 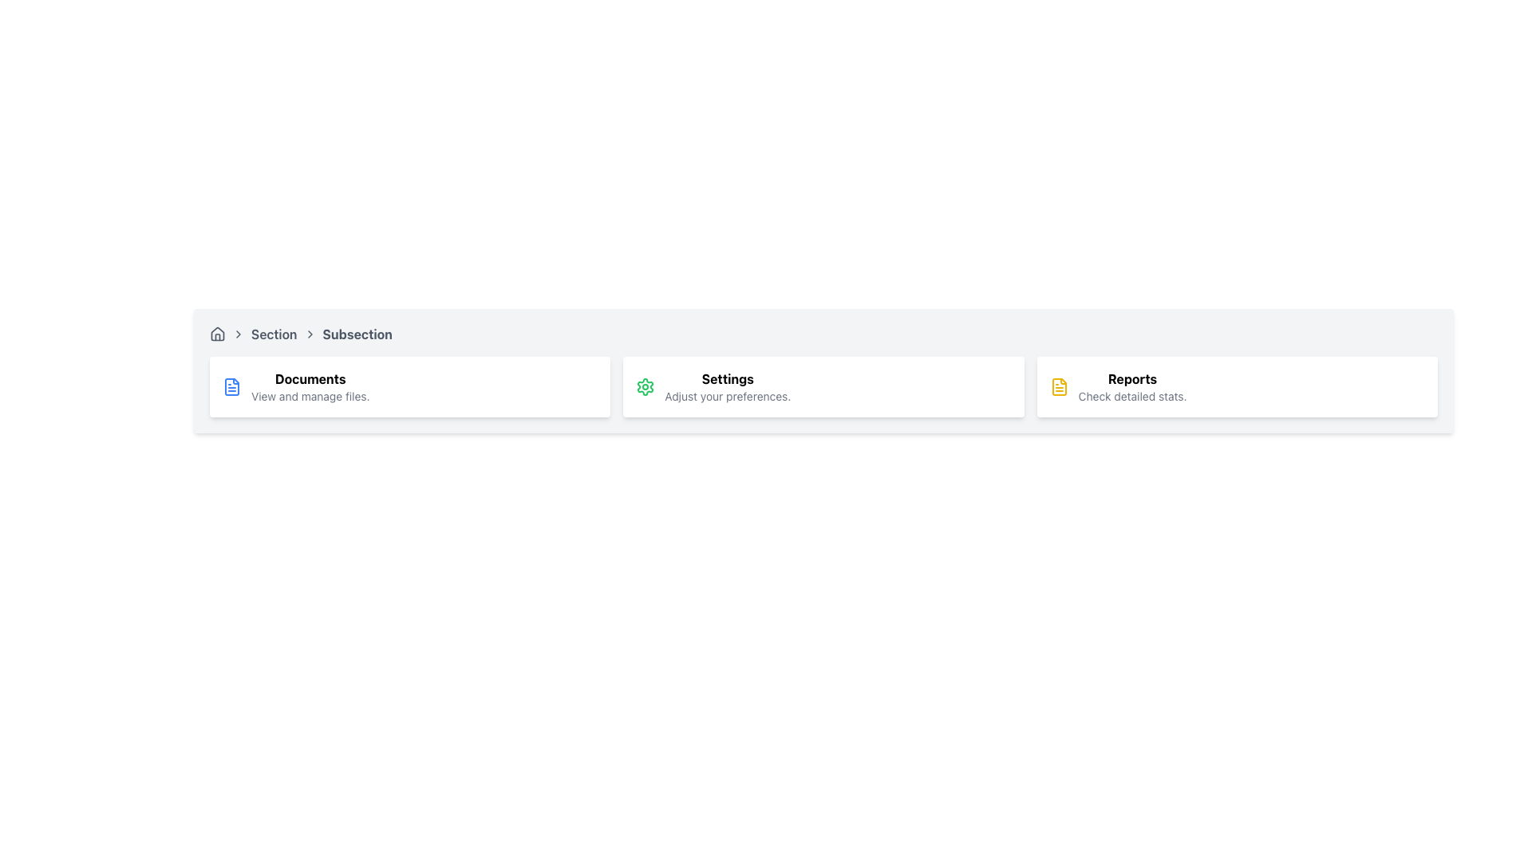 I want to click on the document icon located at the top-left position within the 'Documents' card, which visually represents a 'document' or 'file', so click(x=231, y=387).